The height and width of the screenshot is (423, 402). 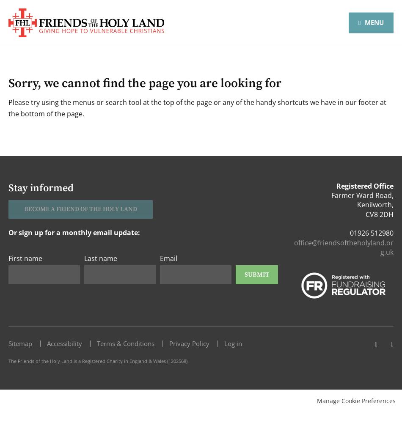 I want to click on 'First name', so click(x=26, y=258).